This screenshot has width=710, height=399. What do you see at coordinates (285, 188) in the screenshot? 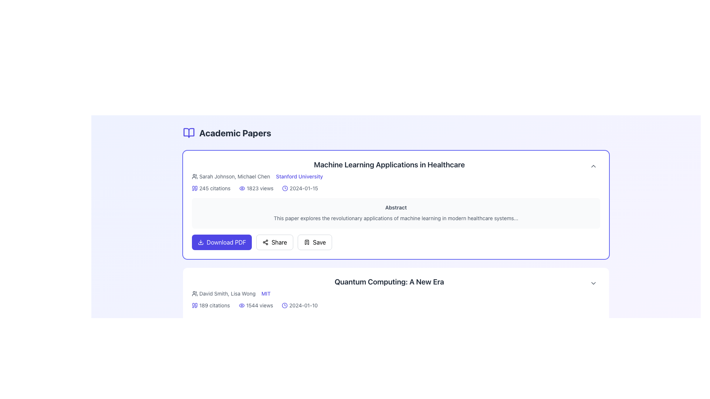
I see `the SVG circle element that is part of the clock icon, located adjacent to the publication title in the metadata of the first listed publication` at bounding box center [285, 188].